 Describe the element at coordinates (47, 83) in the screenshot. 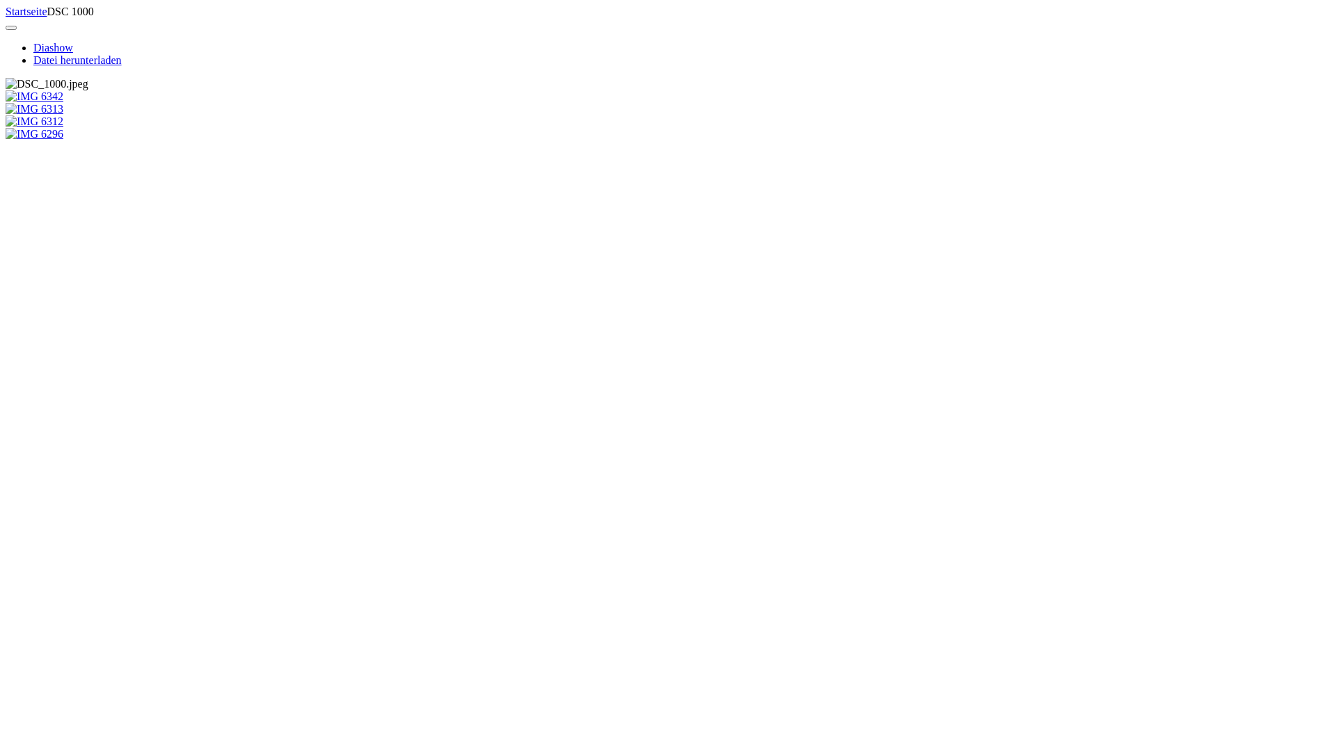

I see `'DSC 1000 - DSC_1000.jpeg'` at that location.